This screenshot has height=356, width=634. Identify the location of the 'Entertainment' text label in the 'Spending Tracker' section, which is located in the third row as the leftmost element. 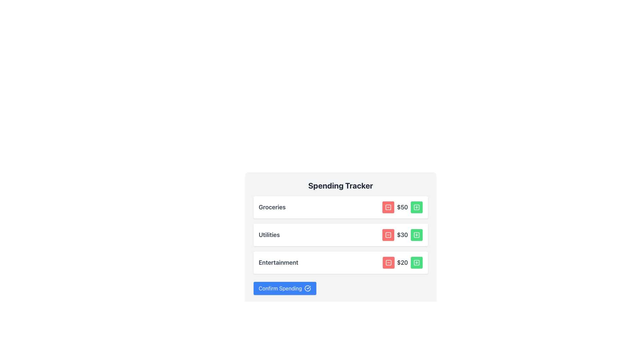
(278, 262).